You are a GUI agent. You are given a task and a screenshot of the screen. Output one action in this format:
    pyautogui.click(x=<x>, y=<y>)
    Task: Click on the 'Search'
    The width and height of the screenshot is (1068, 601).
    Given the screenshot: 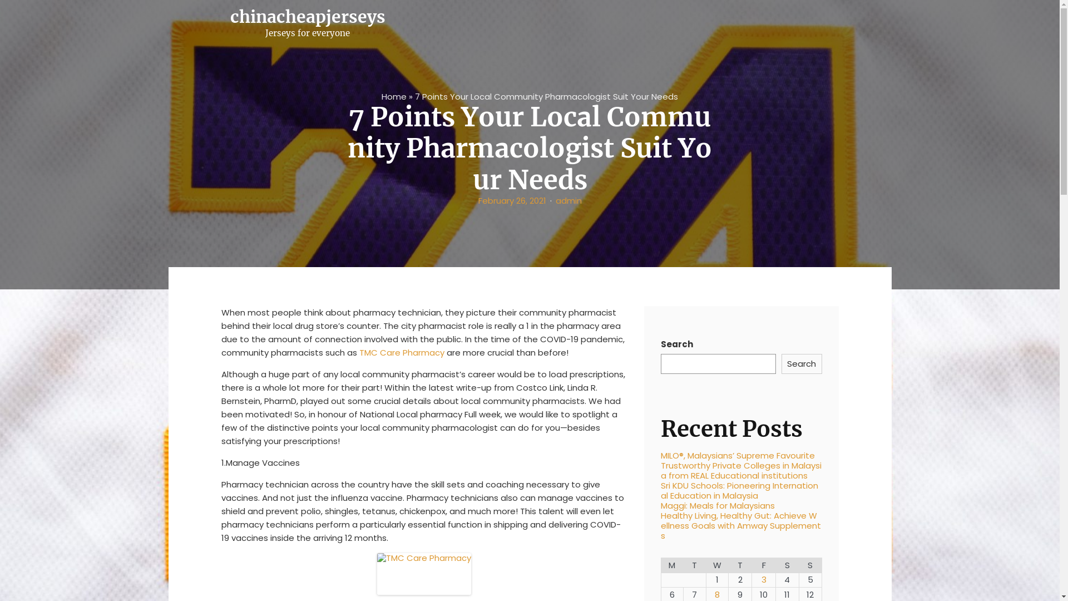 What is the action you would take?
    pyautogui.click(x=802, y=364)
    